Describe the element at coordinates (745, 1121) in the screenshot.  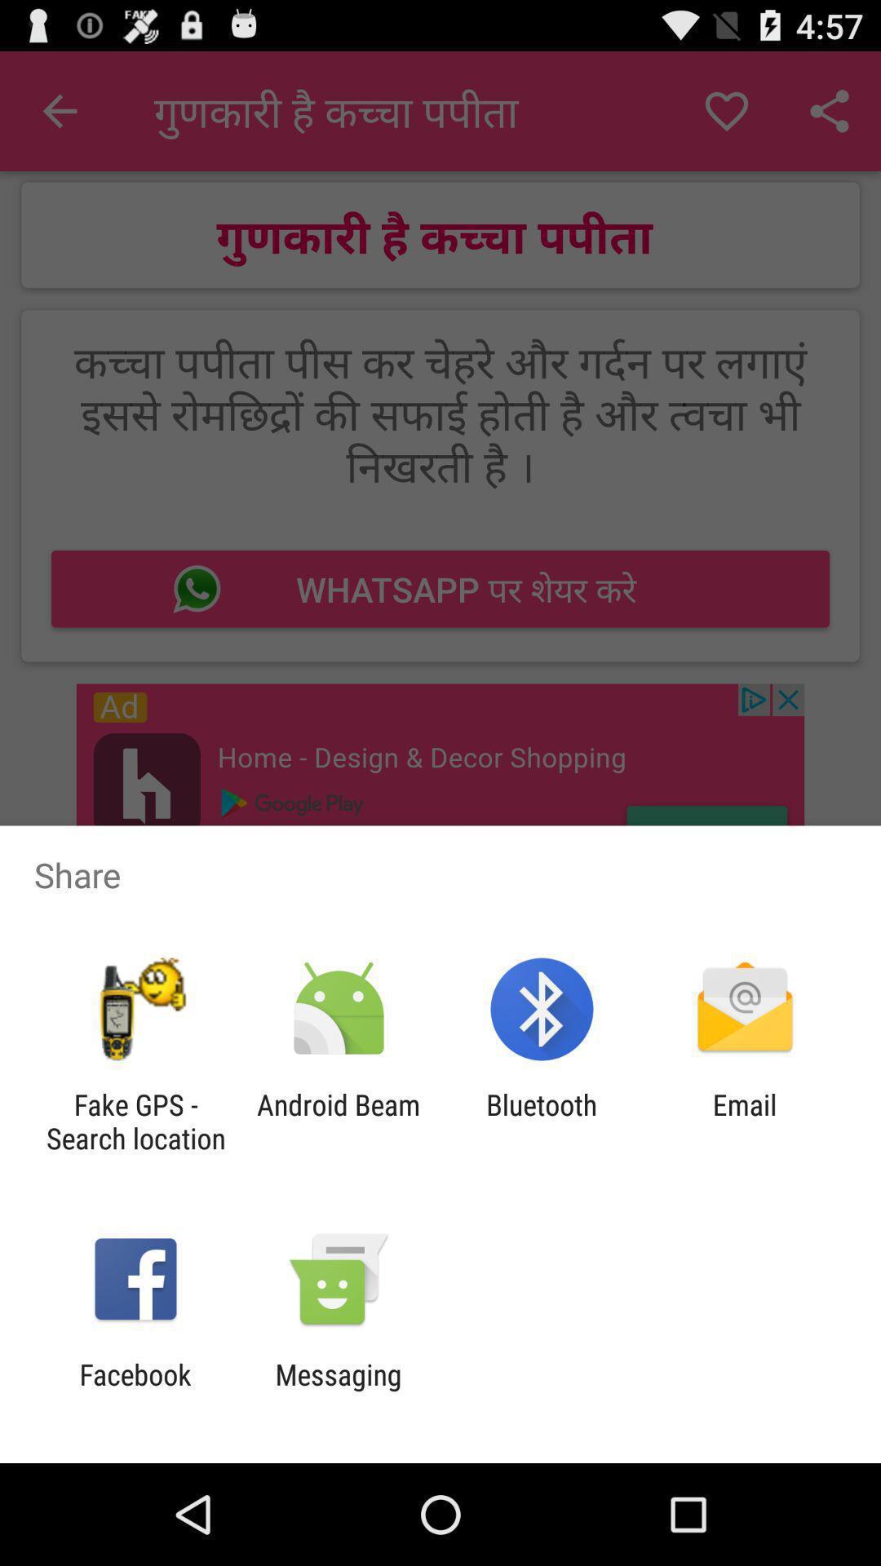
I see `the icon to the right of bluetooth icon` at that location.